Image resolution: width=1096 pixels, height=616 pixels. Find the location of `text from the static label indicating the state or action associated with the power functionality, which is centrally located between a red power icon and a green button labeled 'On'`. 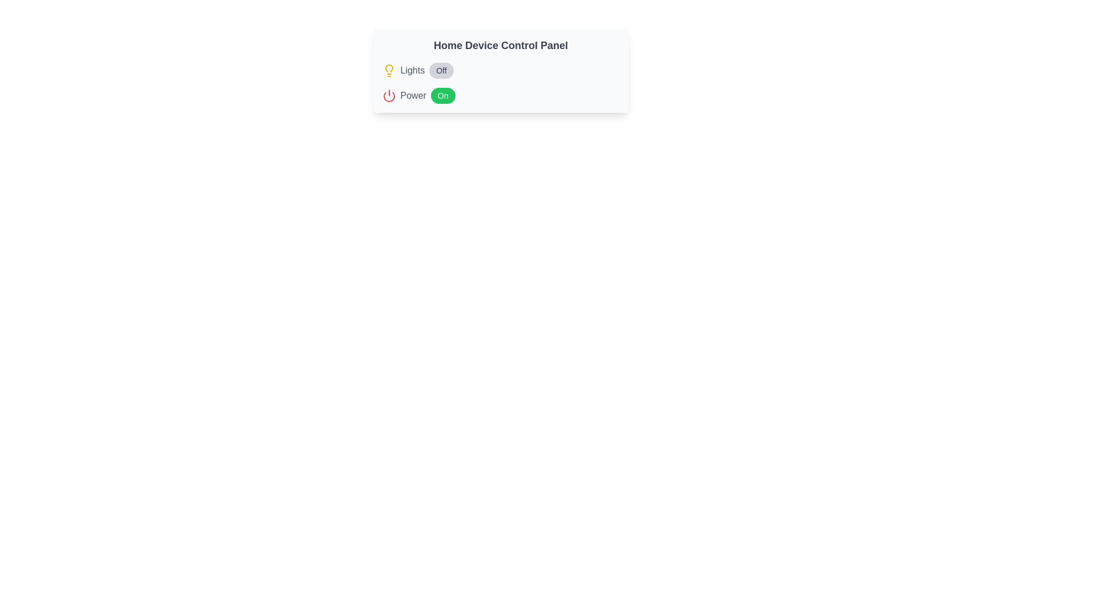

text from the static label indicating the state or action associated with the power functionality, which is centrally located between a red power icon and a green button labeled 'On' is located at coordinates (413, 95).